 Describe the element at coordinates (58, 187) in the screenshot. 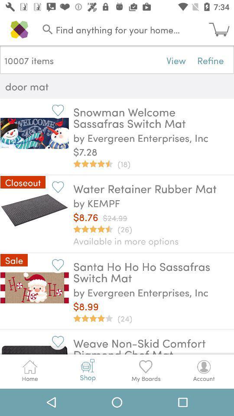

I see `favorite icon which is after closeout option` at that location.